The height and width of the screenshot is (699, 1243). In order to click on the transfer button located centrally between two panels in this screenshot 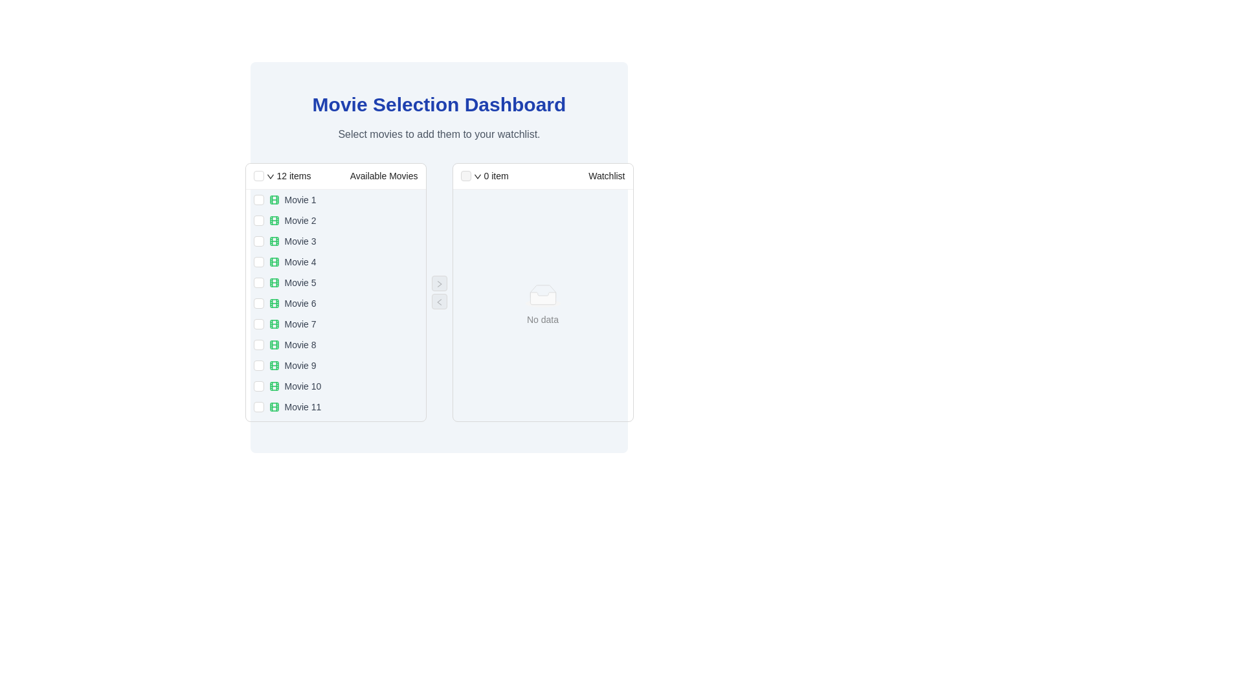, I will do `click(439, 302)`.